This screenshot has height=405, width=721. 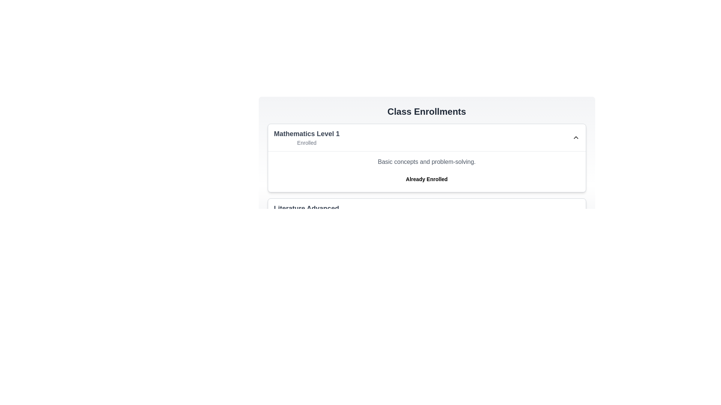 I want to click on the non-interactive status indicator button indicating enrollment in the 'Basic concepts and problem-solving' course within the 'Mathematics Level 1' enrollment card, so click(x=427, y=179).